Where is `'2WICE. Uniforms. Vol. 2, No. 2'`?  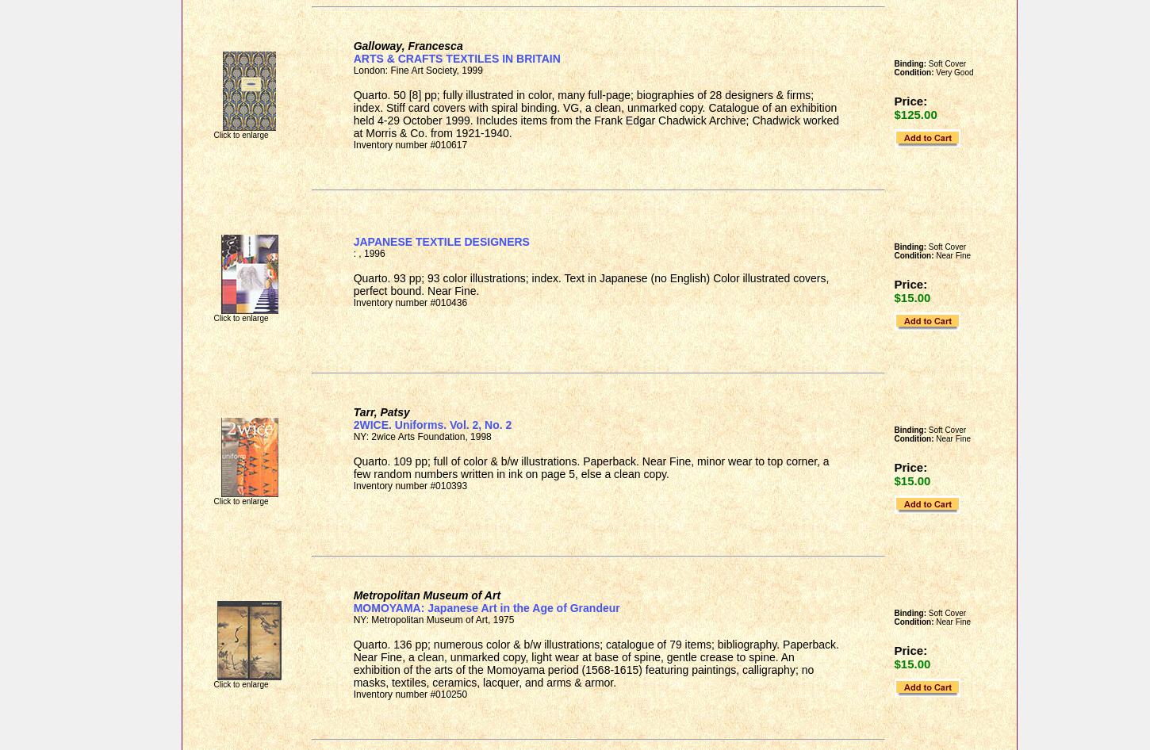 '2WICE. Uniforms. Vol. 2, No. 2' is located at coordinates (432, 425).